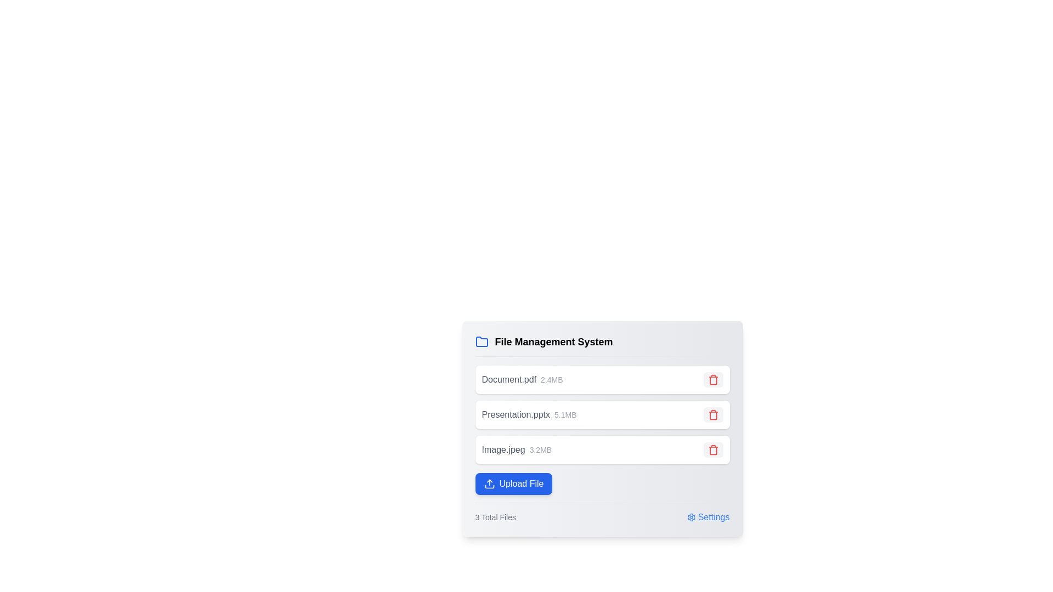 The image size is (1053, 592). I want to click on the informational text displaying the file size next to the file name 'Presentation.pptx' by clicking on it, so click(565, 414).